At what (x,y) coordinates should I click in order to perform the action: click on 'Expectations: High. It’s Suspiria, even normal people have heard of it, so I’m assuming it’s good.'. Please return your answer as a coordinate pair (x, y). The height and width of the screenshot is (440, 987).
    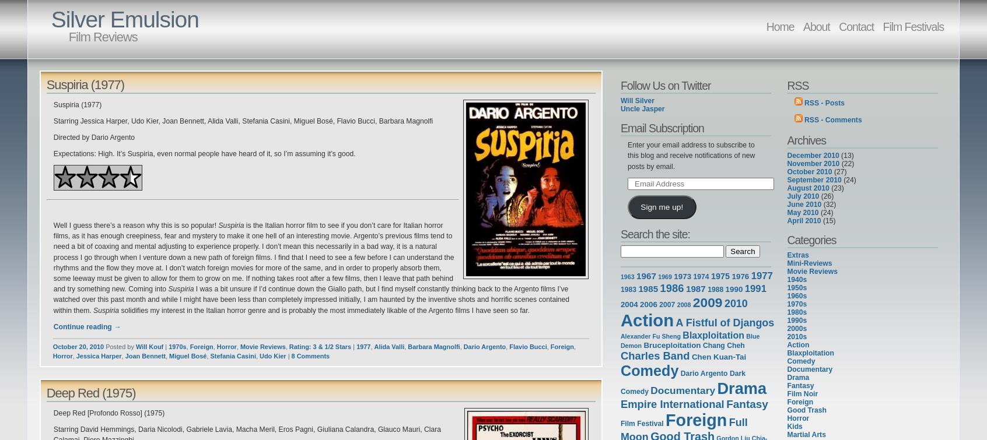
    Looking at the image, I should click on (204, 153).